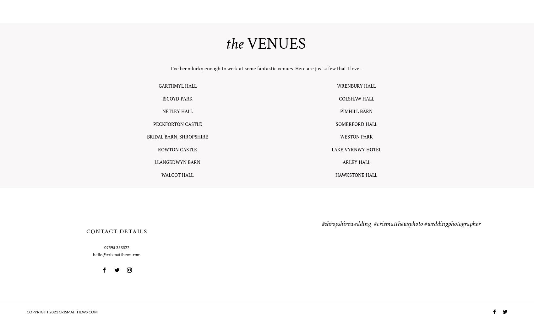 Image resolution: width=534 pixels, height=320 pixels. I want to click on 'GARTHMYL HALL', so click(158, 85).